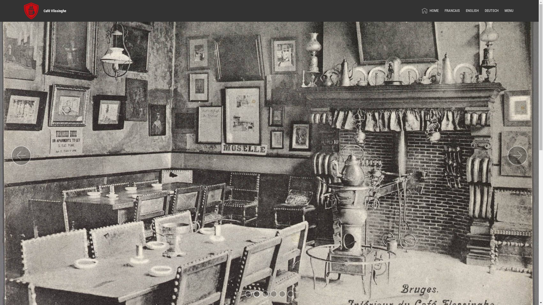 This screenshot has width=543, height=305. What do you see at coordinates (517, 156) in the screenshot?
I see `'Next'` at bounding box center [517, 156].